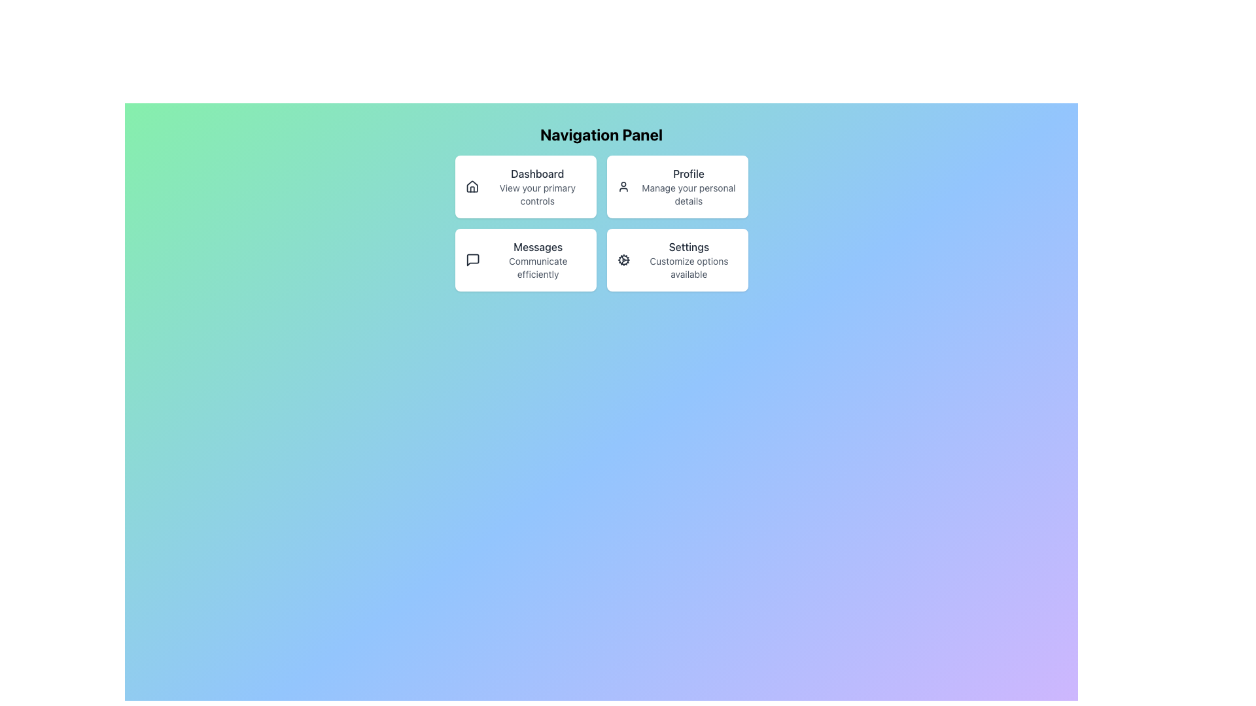 Image resolution: width=1256 pixels, height=706 pixels. I want to click on the static text label that reads 'Customize options available', which is styled in a small light gray font and located directly below the 'Settings' text within the bottom-right quadrant of the user interface, so click(688, 267).